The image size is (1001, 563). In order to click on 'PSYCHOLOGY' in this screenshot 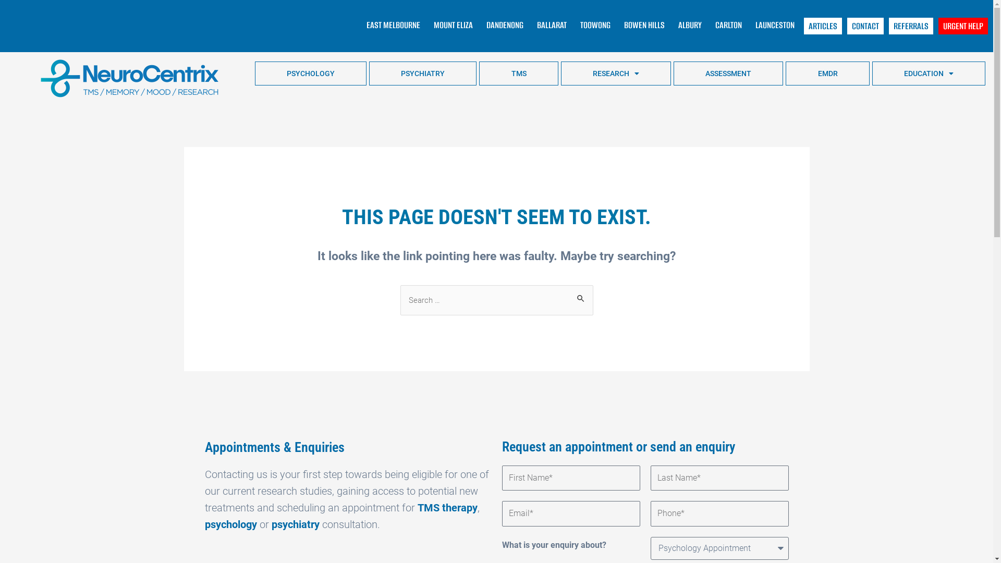, I will do `click(310, 73)`.